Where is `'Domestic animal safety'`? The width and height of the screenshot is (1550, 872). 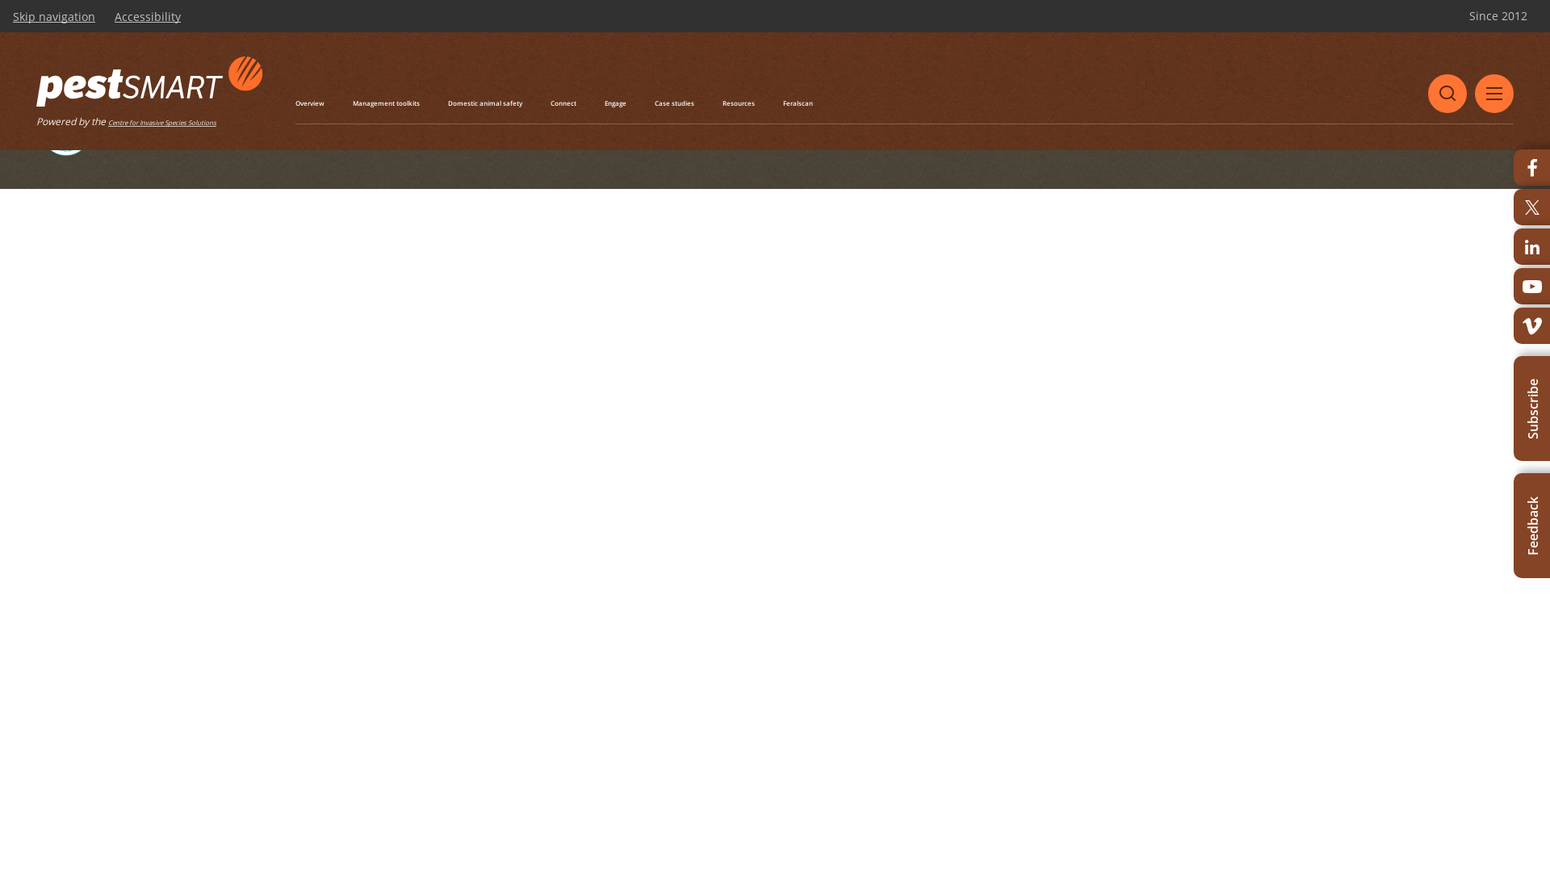 'Domestic animal safety' is located at coordinates (484, 103).